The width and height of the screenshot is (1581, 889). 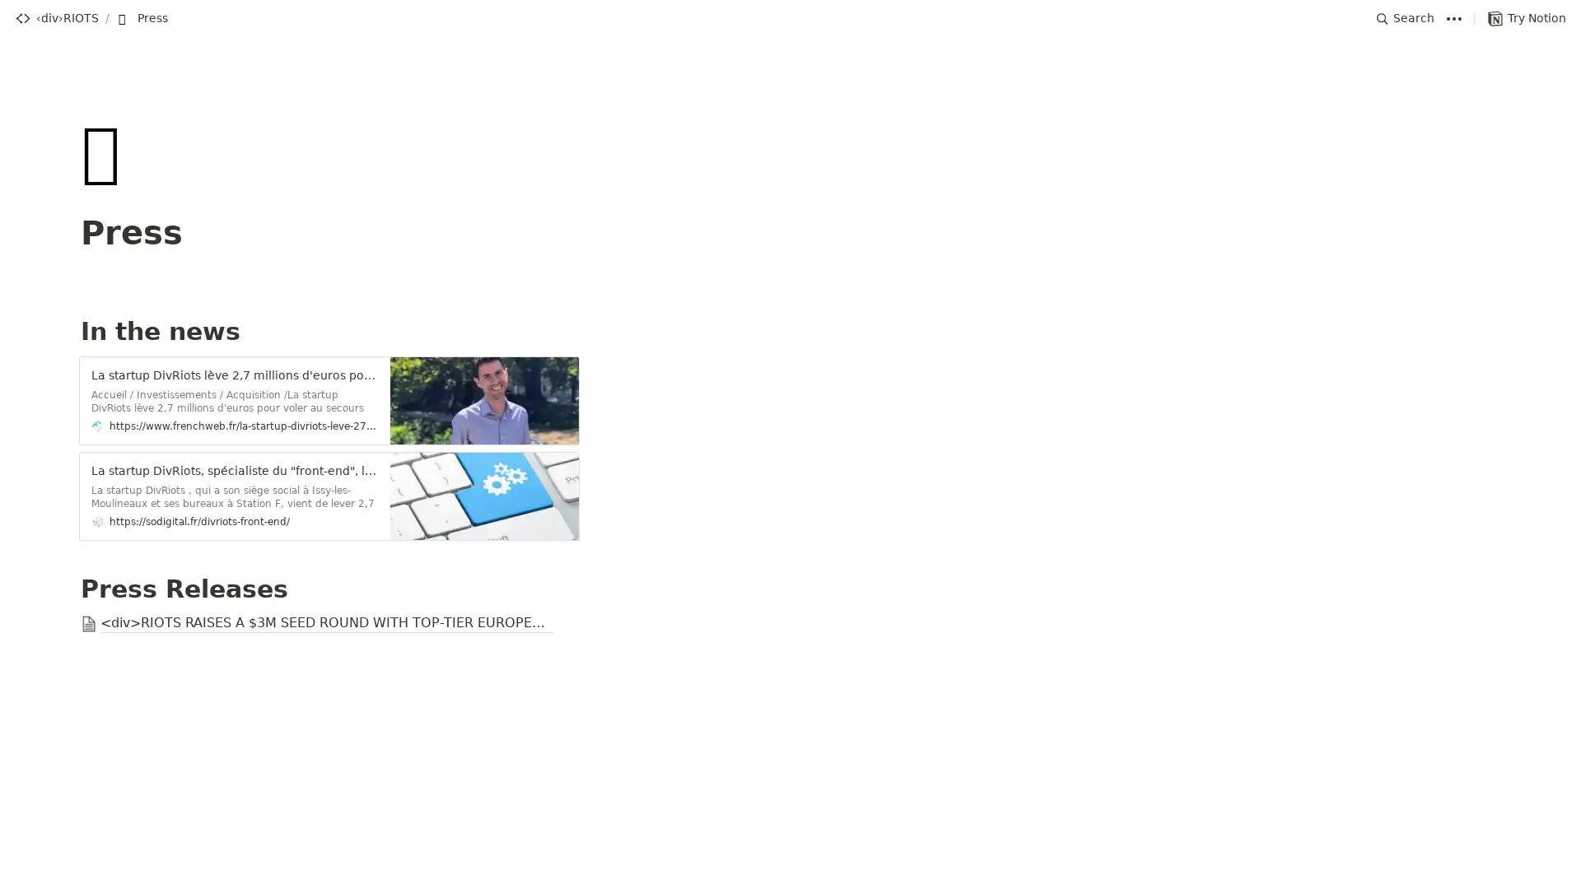 I want to click on Press, so click(x=142, y=18).